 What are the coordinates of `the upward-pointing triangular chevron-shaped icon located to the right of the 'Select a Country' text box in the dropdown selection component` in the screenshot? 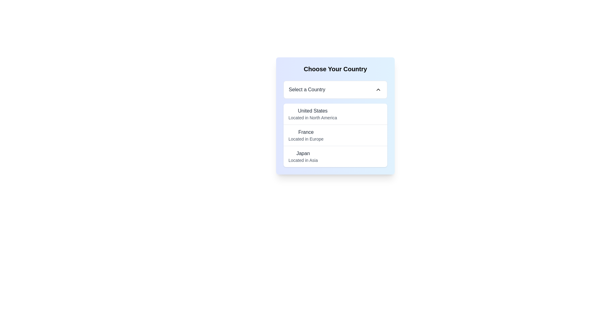 It's located at (378, 89).